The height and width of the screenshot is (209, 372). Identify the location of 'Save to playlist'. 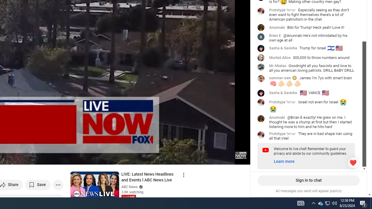
(37, 185).